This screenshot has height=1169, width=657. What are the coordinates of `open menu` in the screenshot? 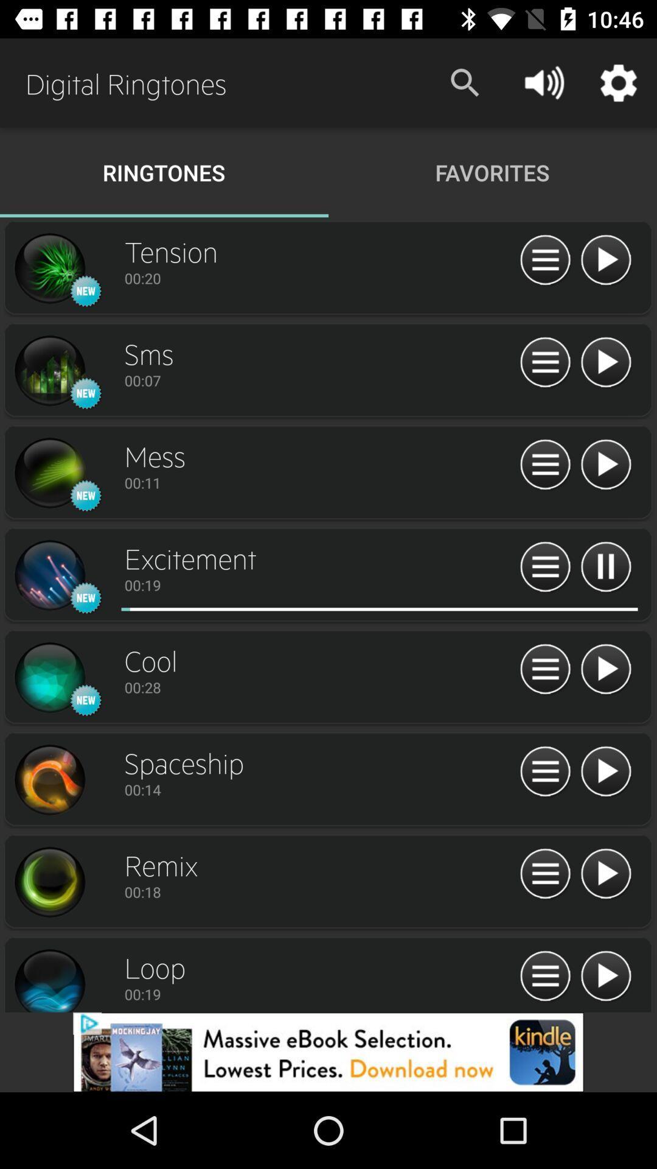 It's located at (544, 874).